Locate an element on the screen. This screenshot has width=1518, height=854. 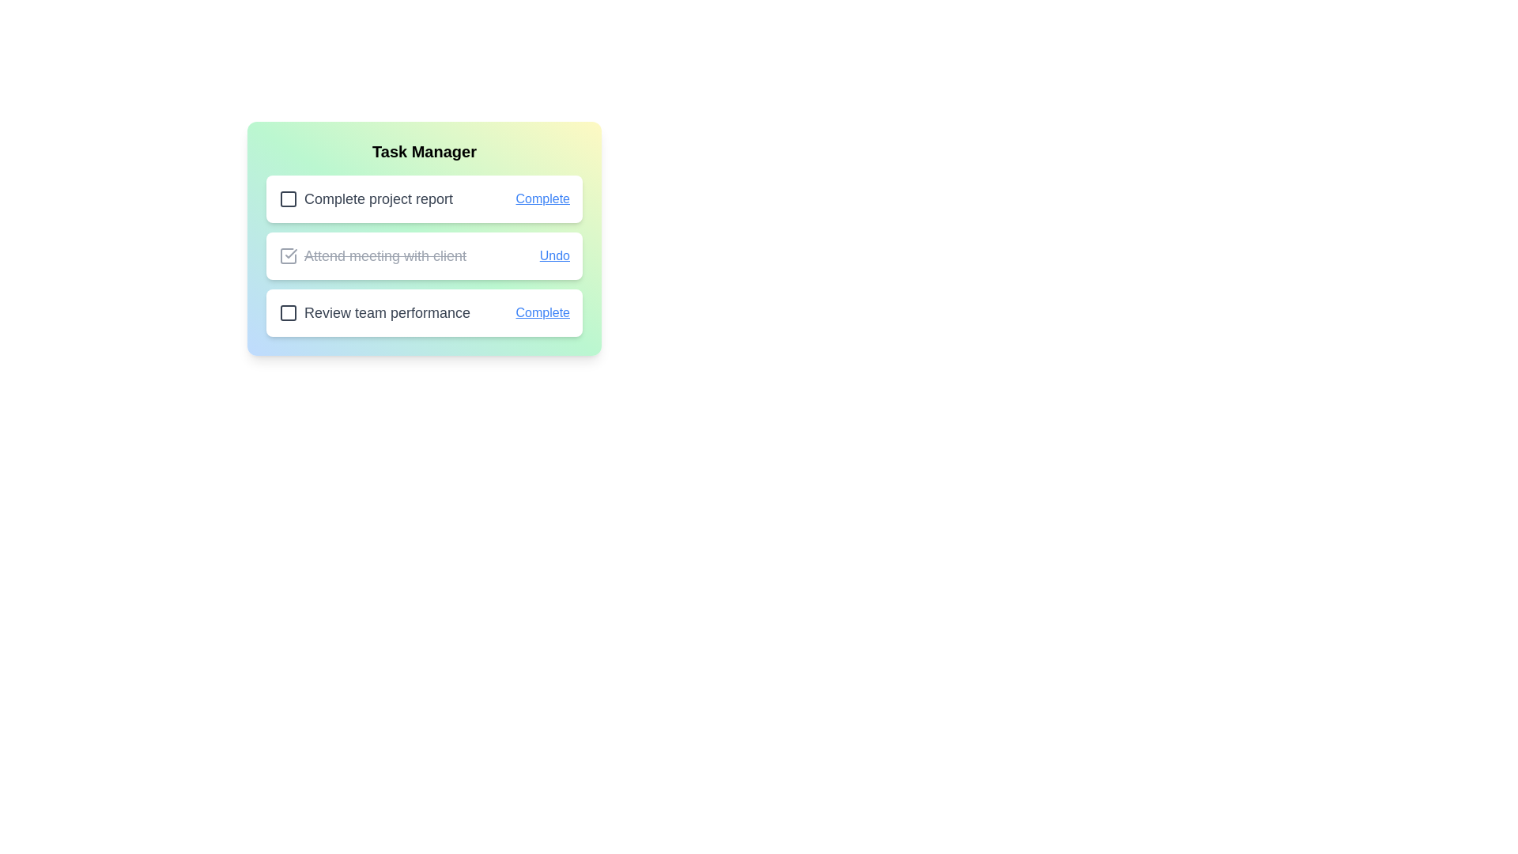
the button labeled Complete for the task Complete project report is located at coordinates (542, 198).